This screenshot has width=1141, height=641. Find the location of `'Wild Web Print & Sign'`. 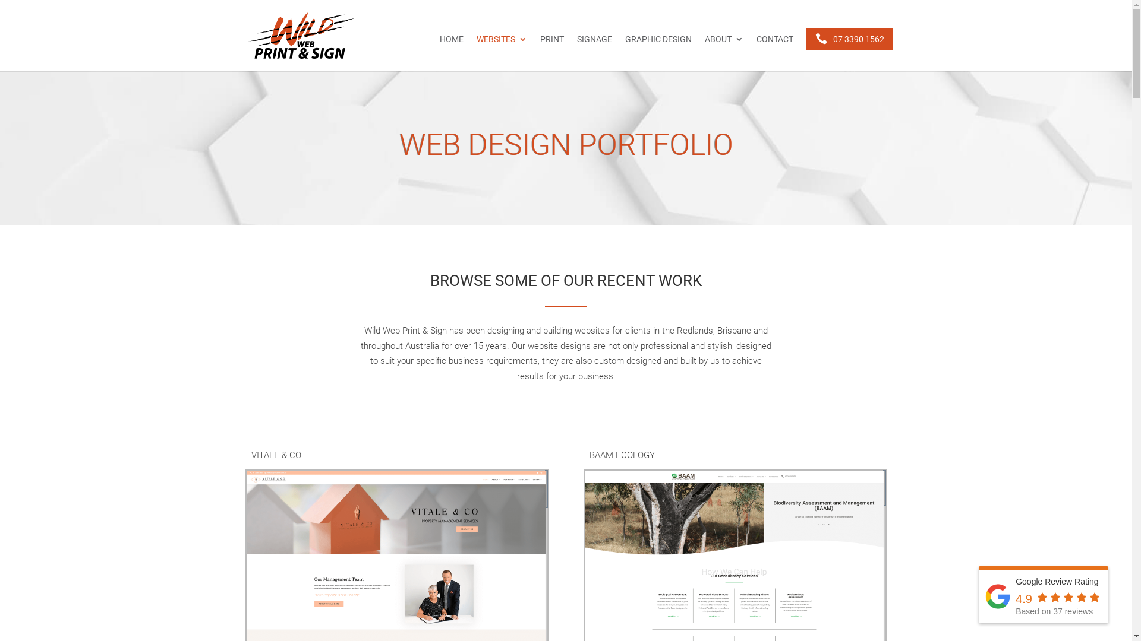

'Wild Web Print & Sign' is located at coordinates (998, 596).